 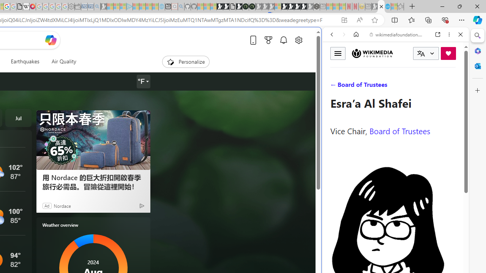 I want to click on 'Open settings', so click(x=298, y=40).